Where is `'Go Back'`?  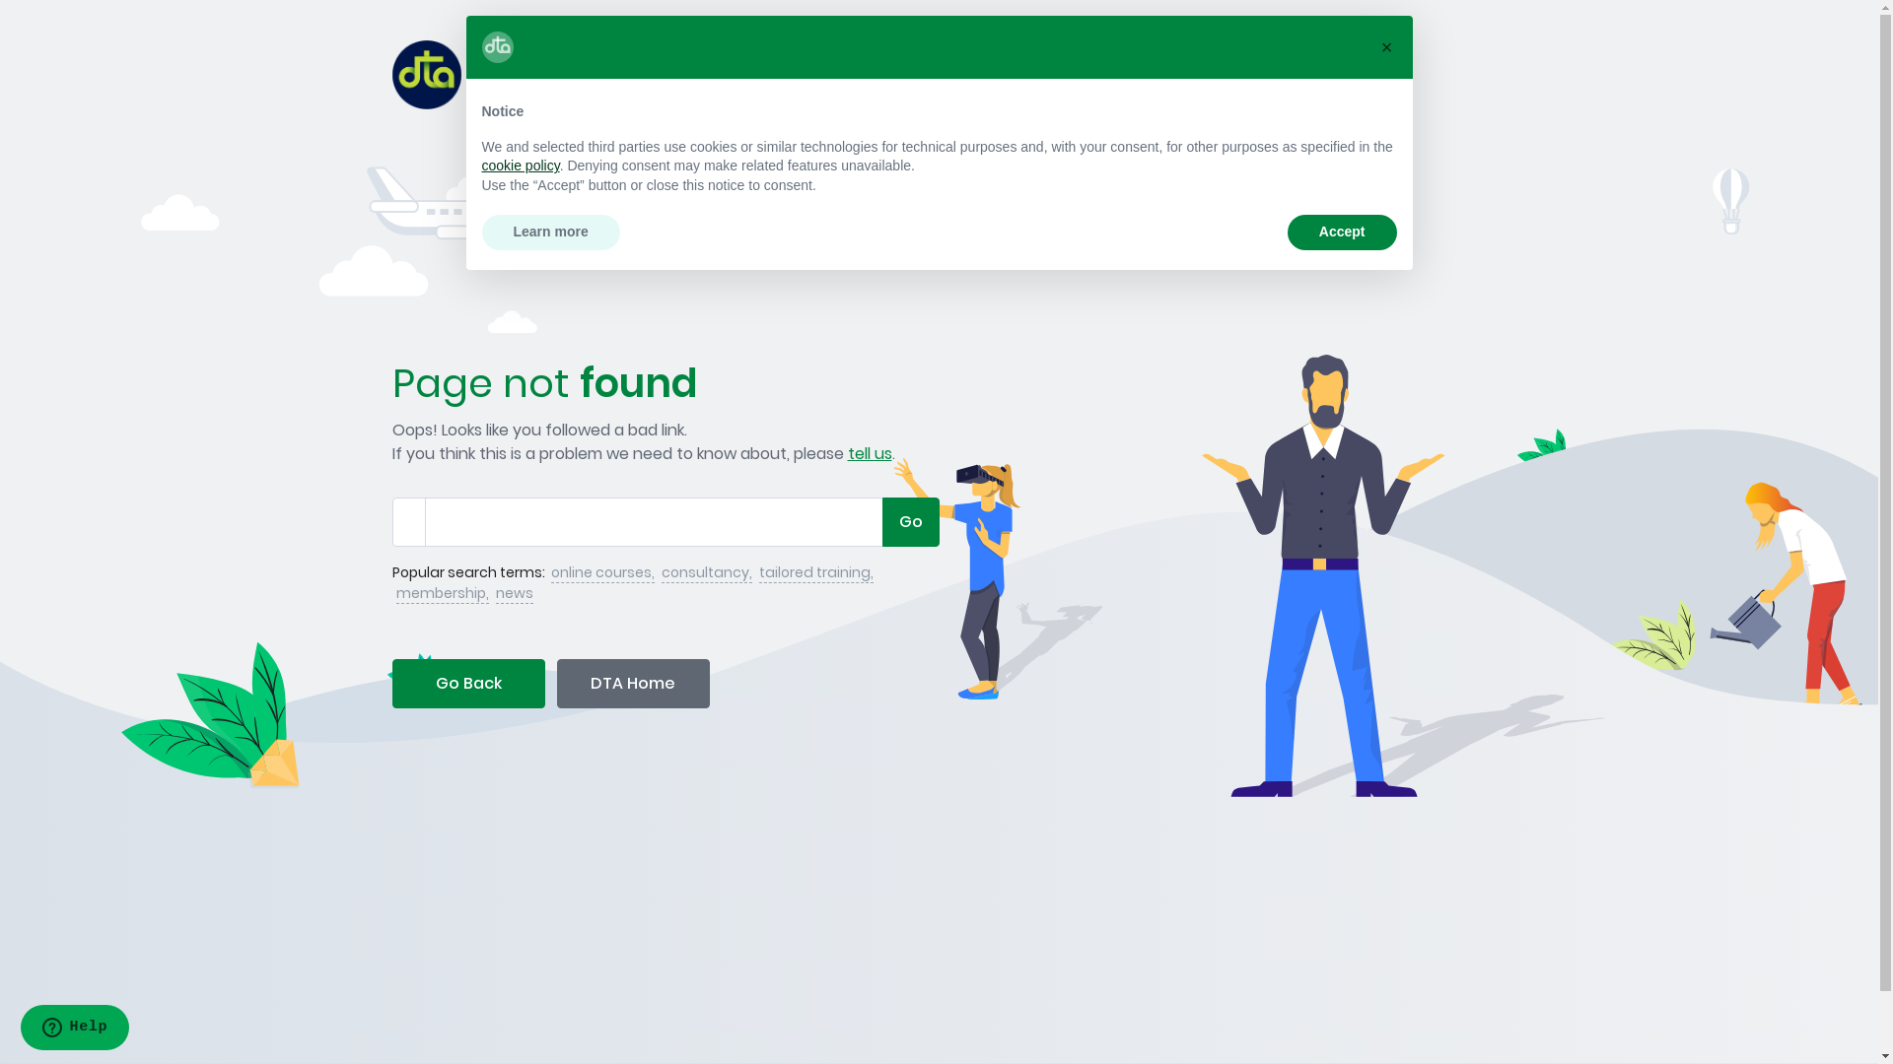
'Go Back' is located at coordinates (467, 683).